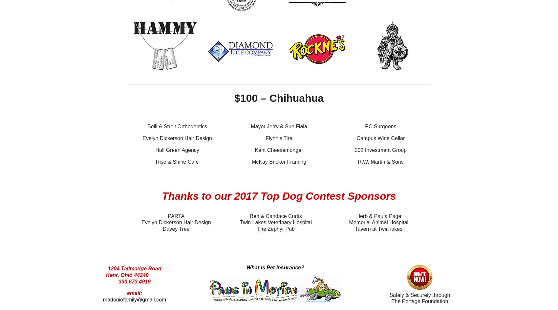 This screenshot has height=310, width=558. What do you see at coordinates (134, 299) in the screenshot?
I see `'madoniofamily@gmail.com'` at bounding box center [134, 299].